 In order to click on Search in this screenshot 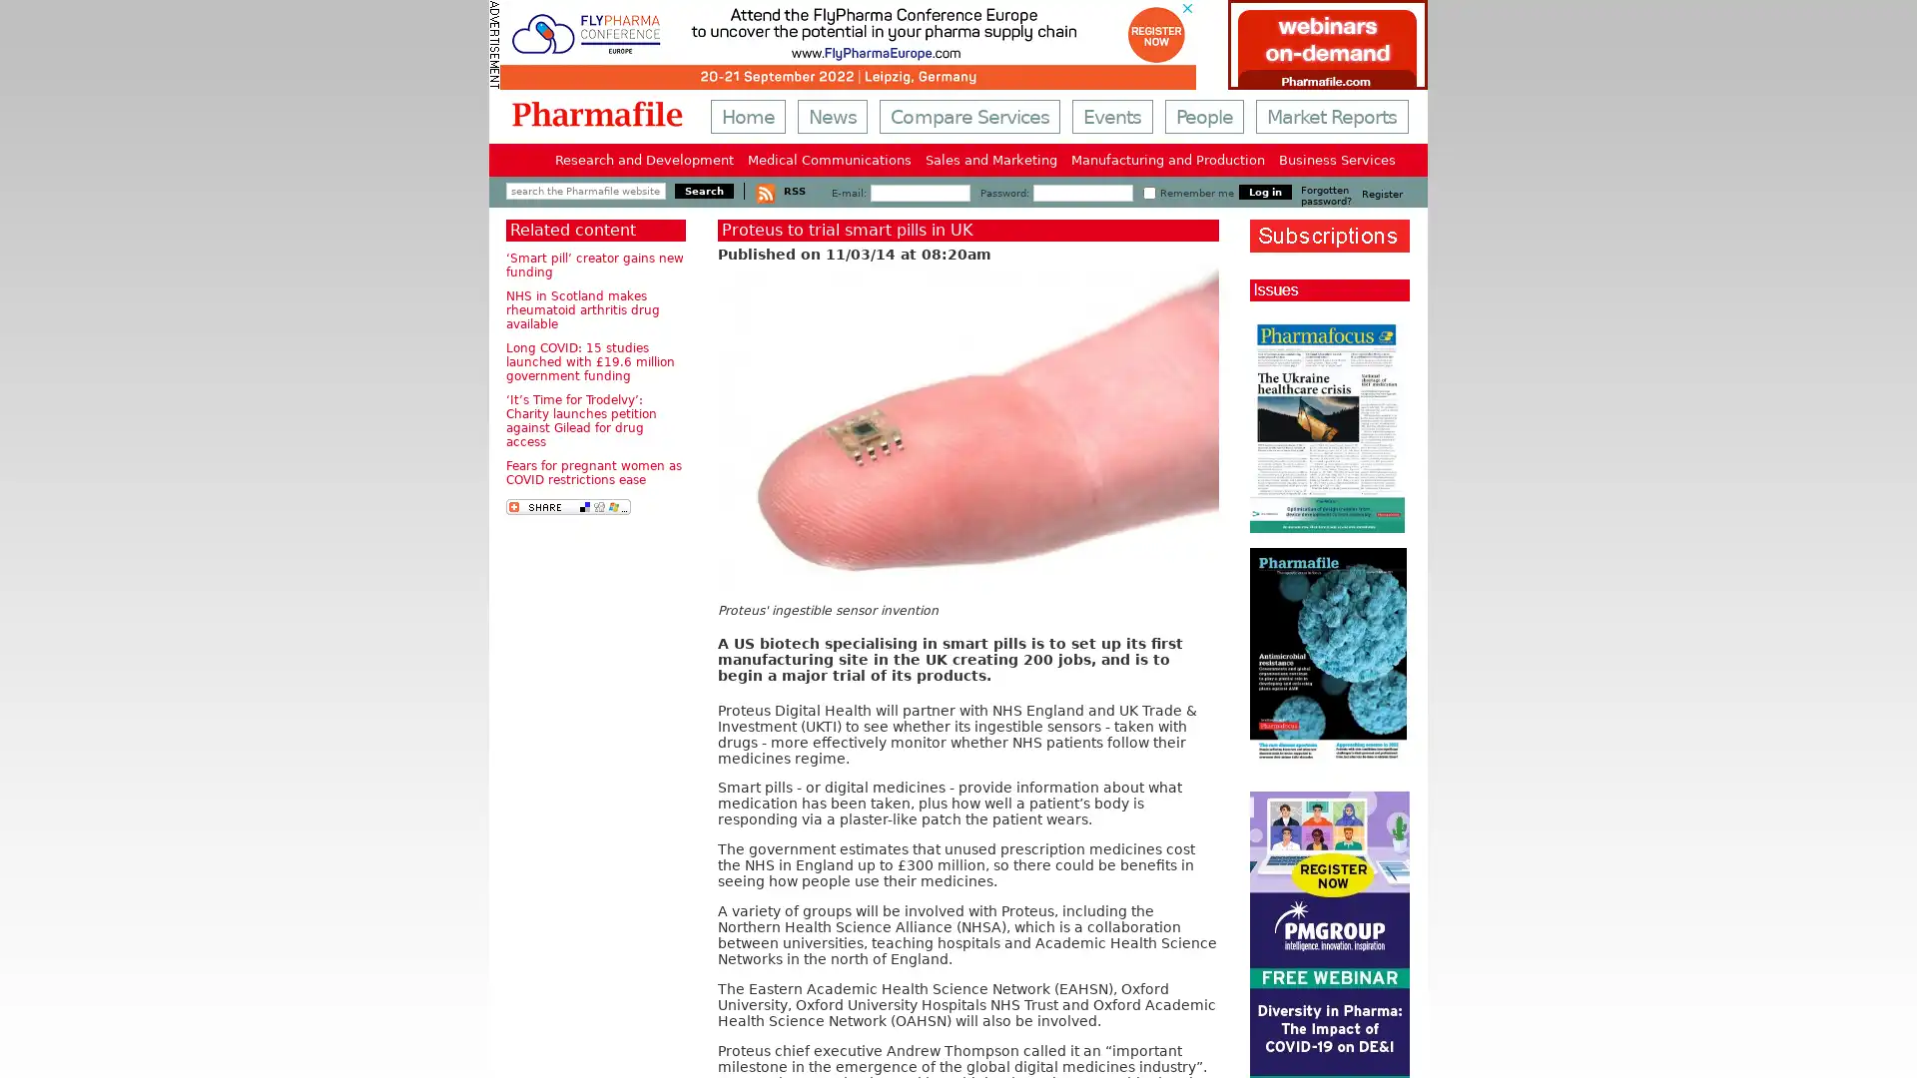, I will do `click(704, 191)`.